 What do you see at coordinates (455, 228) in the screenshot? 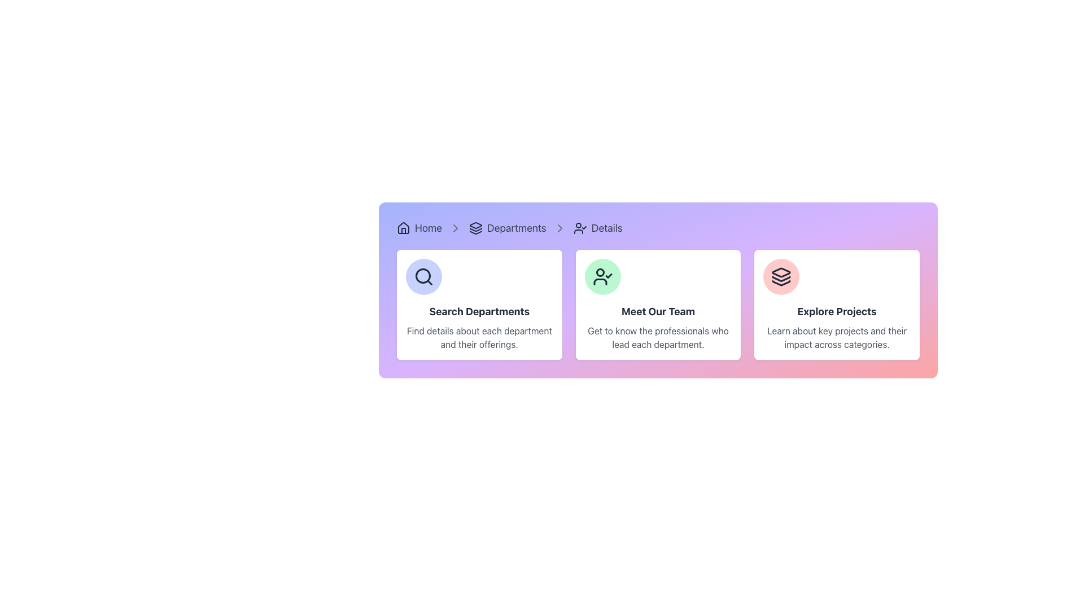
I see `the right-pointing arrow in the breadcrumb navigation located between 'Departments' and 'Details' to indicate the visual separation and hierarchy of navigation elements` at bounding box center [455, 228].